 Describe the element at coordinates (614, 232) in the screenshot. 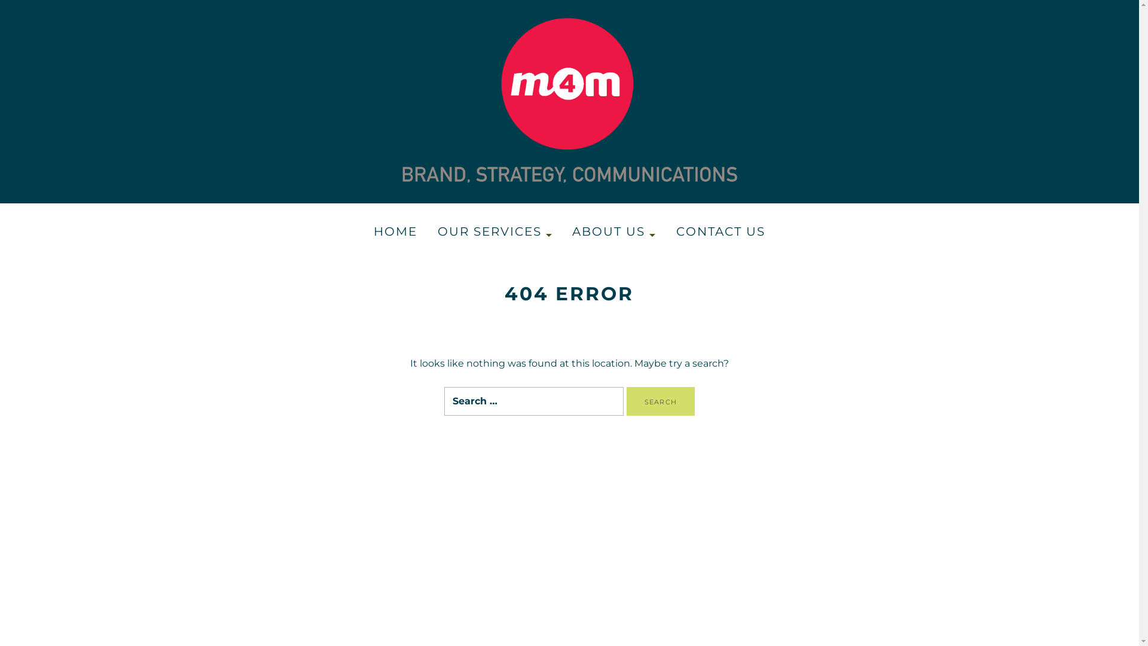

I see `'ABOUT US` at that location.